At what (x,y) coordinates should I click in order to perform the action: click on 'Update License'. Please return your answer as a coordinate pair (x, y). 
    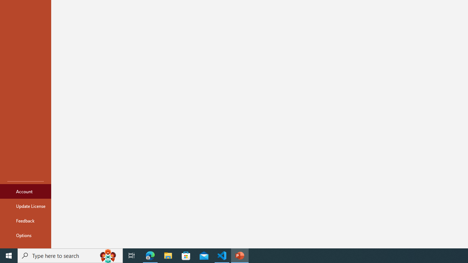
    Looking at the image, I should click on (25, 206).